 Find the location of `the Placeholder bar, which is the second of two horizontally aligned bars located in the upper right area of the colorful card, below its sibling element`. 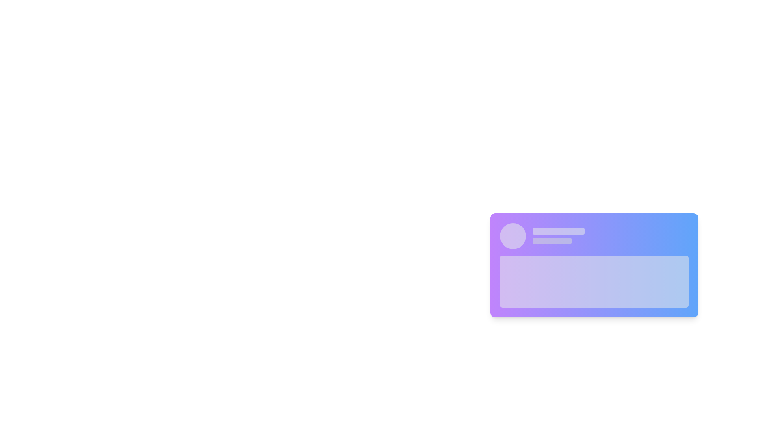

the Placeholder bar, which is the second of two horizontally aligned bars located in the upper right area of the colorful card, below its sibling element is located at coordinates (552, 241).